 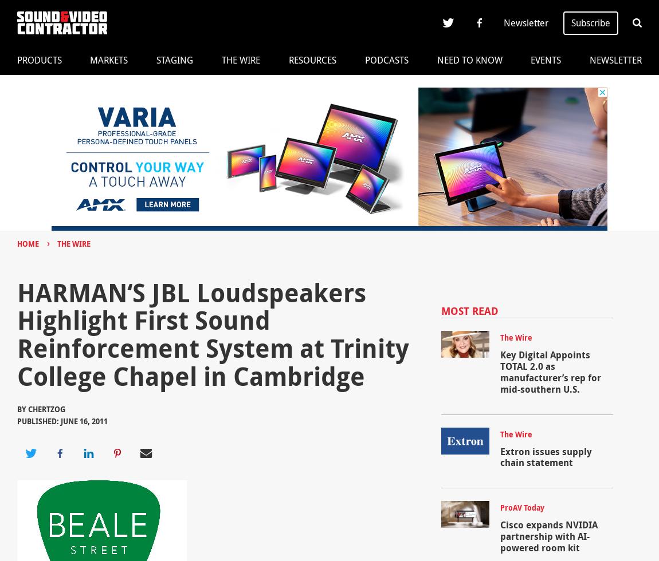 What do you see at coordinates (386, 60) in the screenshot?
I see `'Podcasts'` at bounding box center [386, 60].